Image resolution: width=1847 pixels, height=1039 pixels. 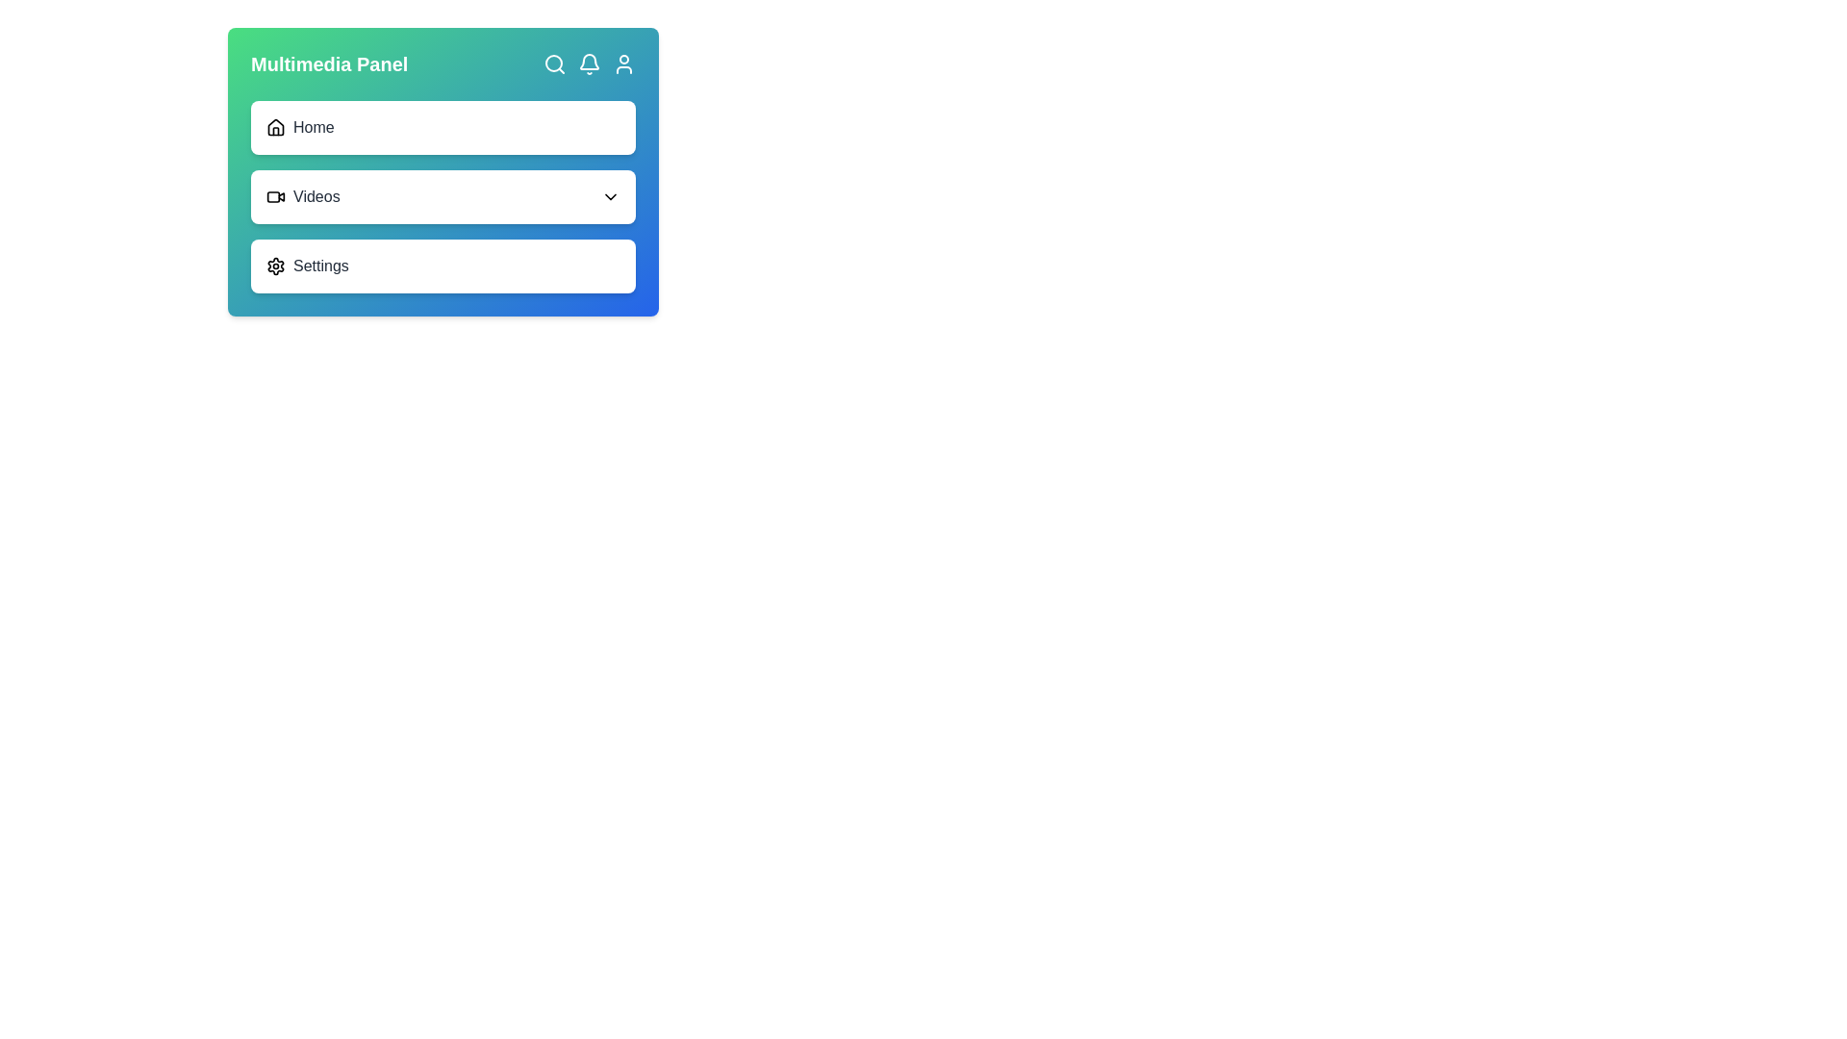 I want to click on the Navigation link with the gear icon and 'Settings' label in the navigation menu, so click(x=306, y=266).